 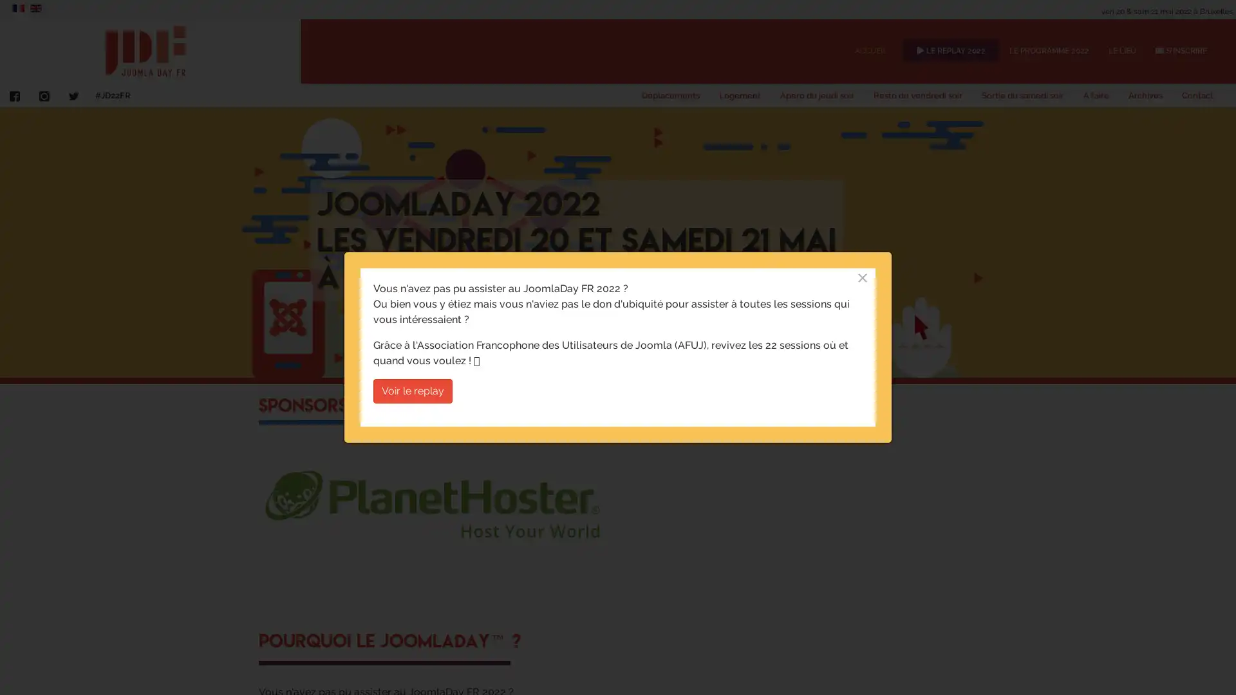 I want to click on Close, so click(x=862, y=277).